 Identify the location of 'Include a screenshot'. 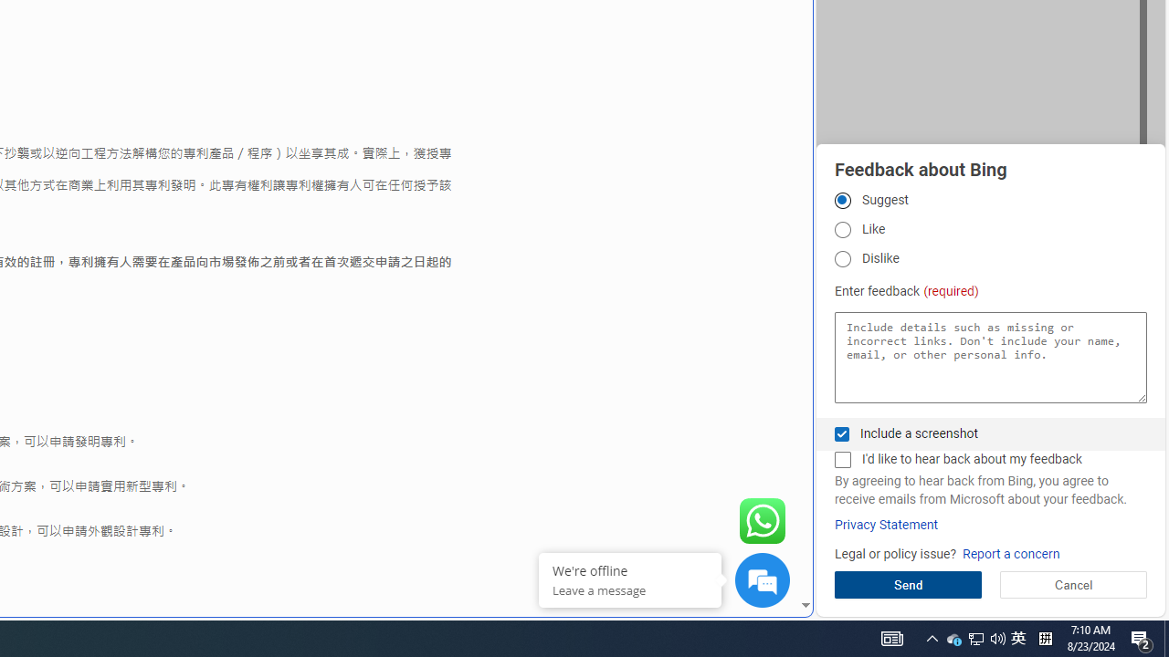
(841, 433).